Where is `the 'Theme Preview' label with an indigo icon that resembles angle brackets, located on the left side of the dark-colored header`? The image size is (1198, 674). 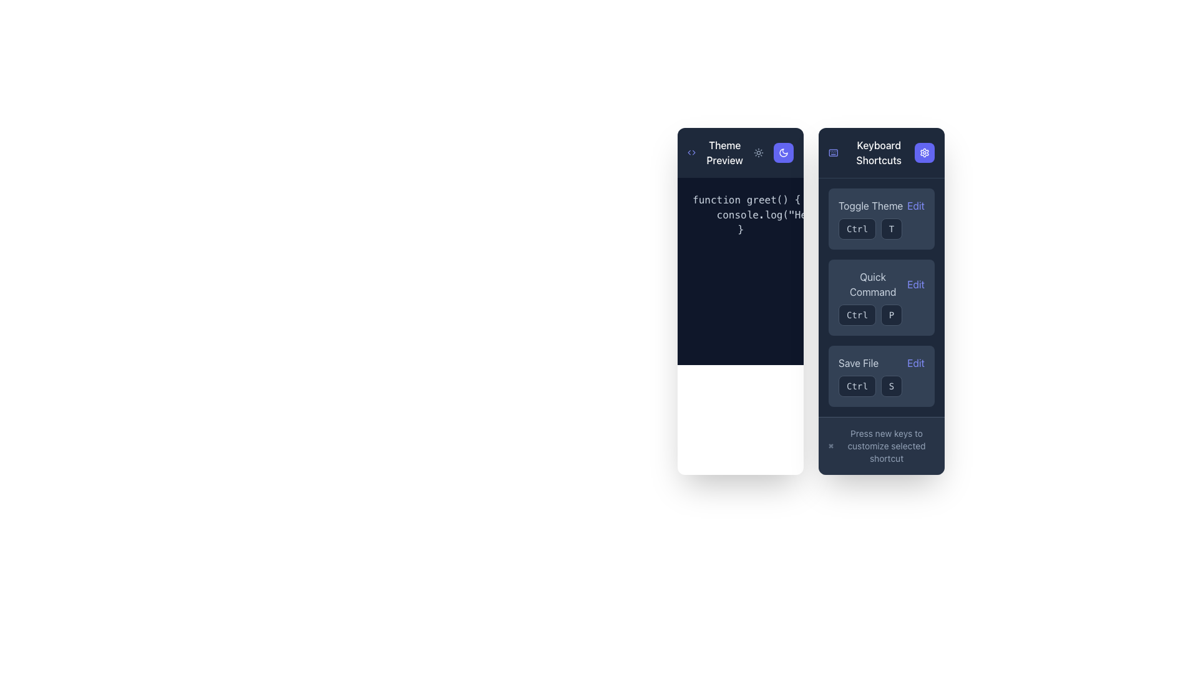 the 'Theme Preview' label with an indigo icon that resembles angle brackets, located on the left side of the dark-colored header is located at coordinates (718, 152).